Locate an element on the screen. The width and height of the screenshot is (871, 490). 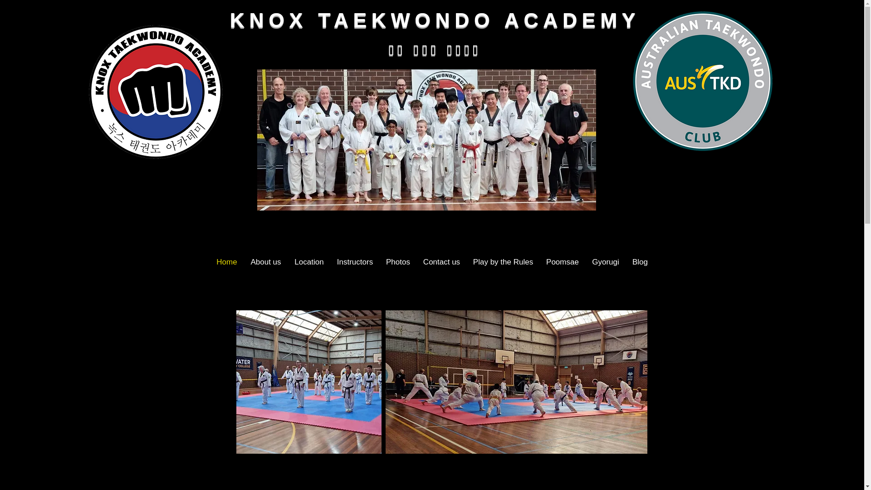
'Gyorugi' is located at coordinates (605, 262).